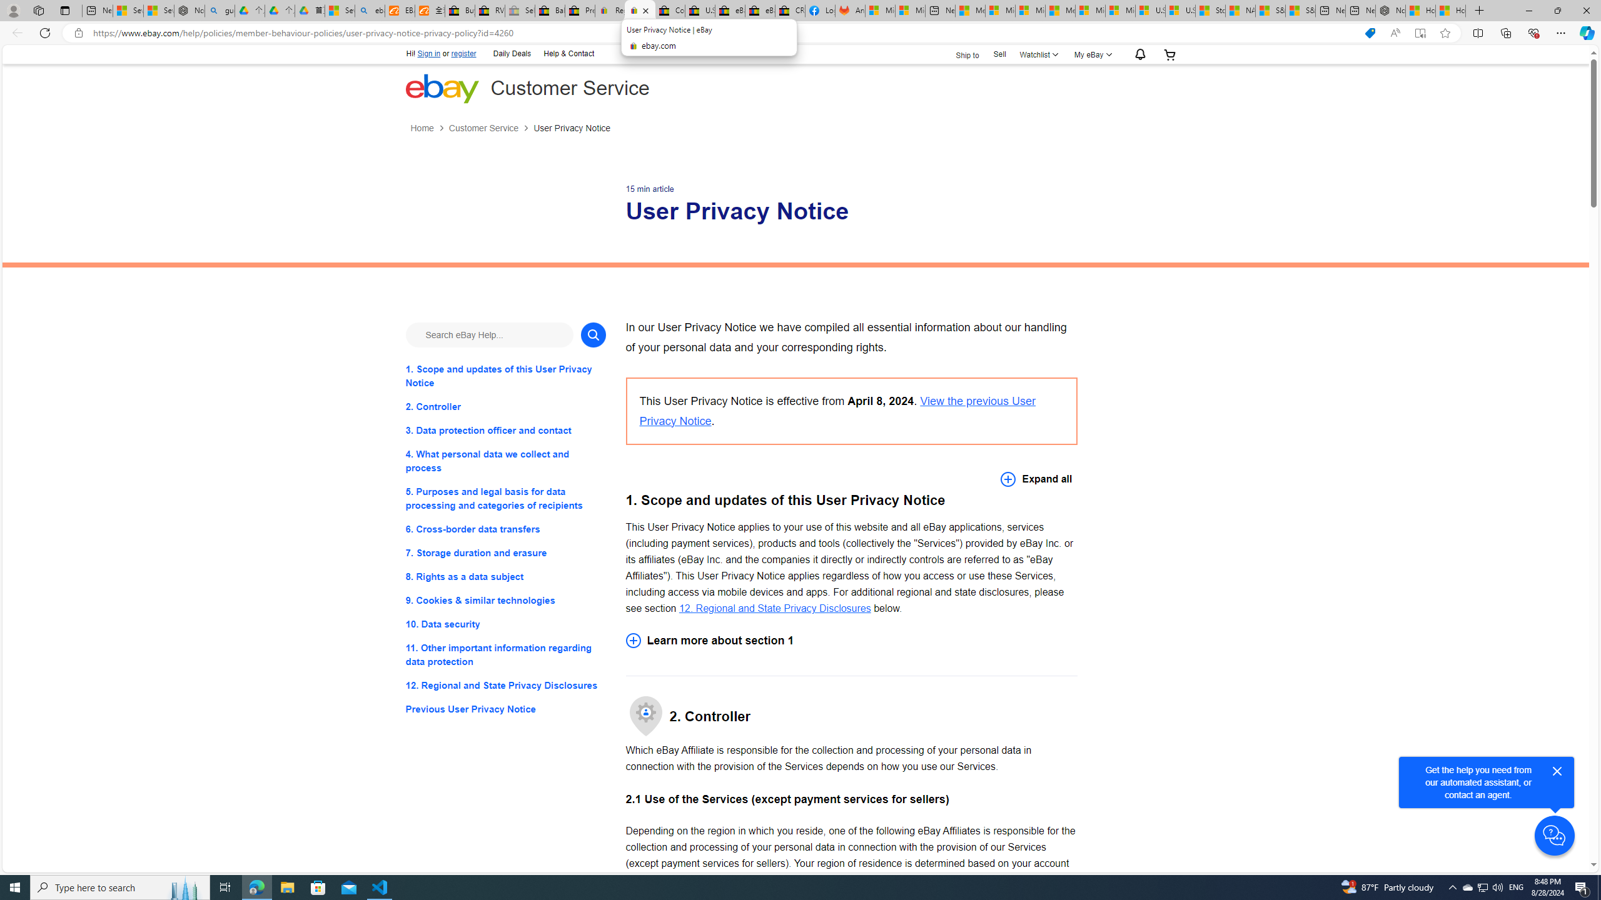 The image size is (1601, 900). What do you see at coordinates (505, 655) in the screenshot?
I see `'11. Other important information regarding data protection'` at bounding box center [505, 655].